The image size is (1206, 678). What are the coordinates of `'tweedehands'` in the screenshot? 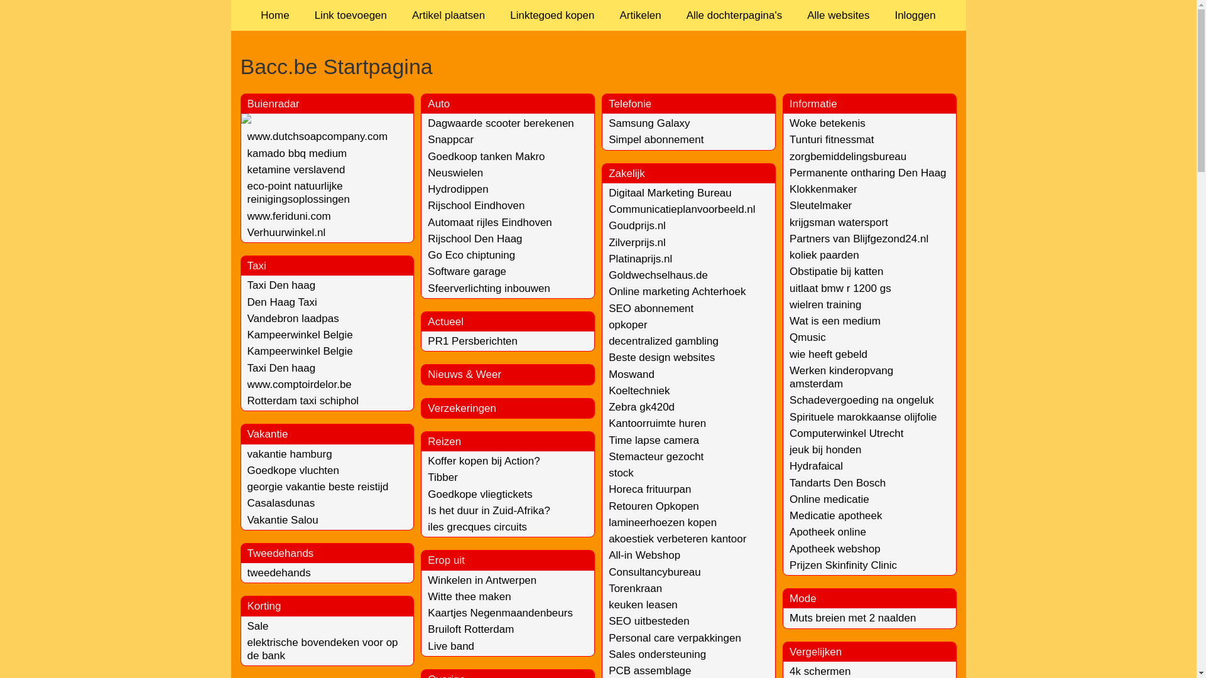 It's located at (247, 573).